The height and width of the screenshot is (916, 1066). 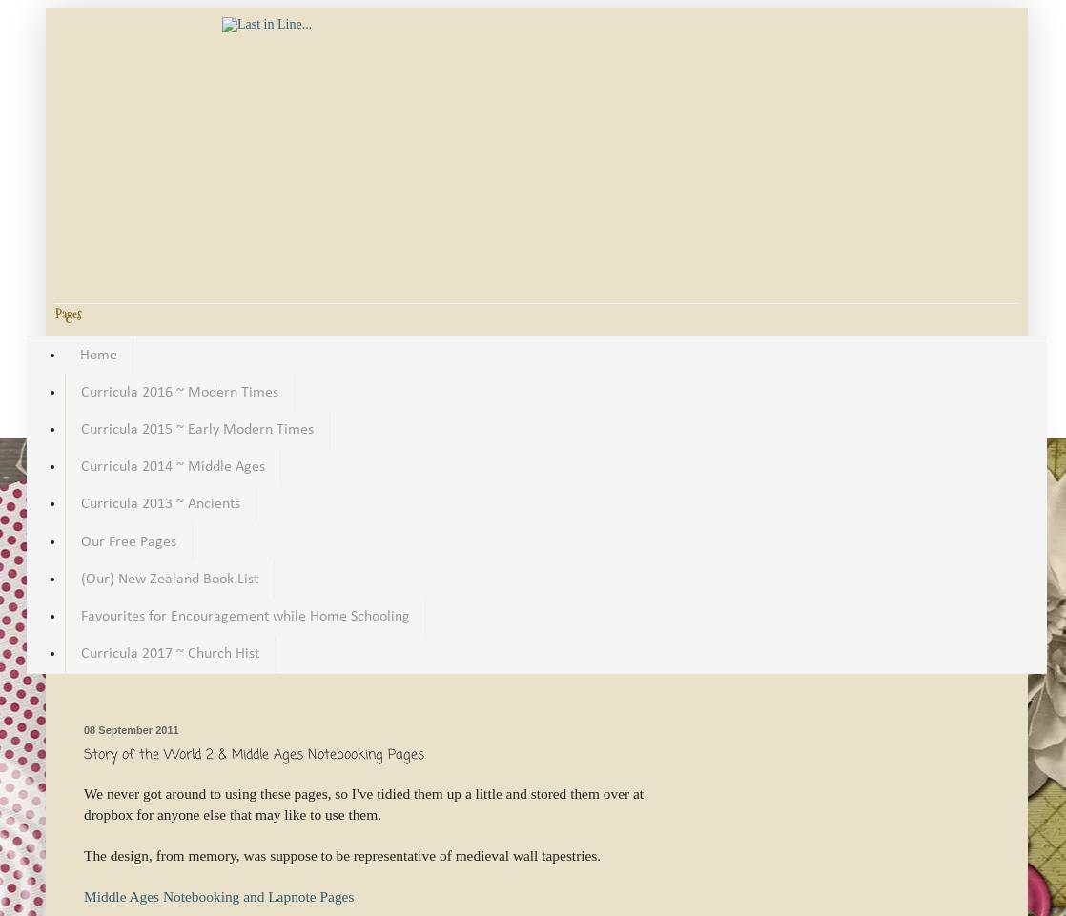 What do you see at coordinates (98, 354) in the screenshot?
I see `'Home'` at bounding box center [98, 354].